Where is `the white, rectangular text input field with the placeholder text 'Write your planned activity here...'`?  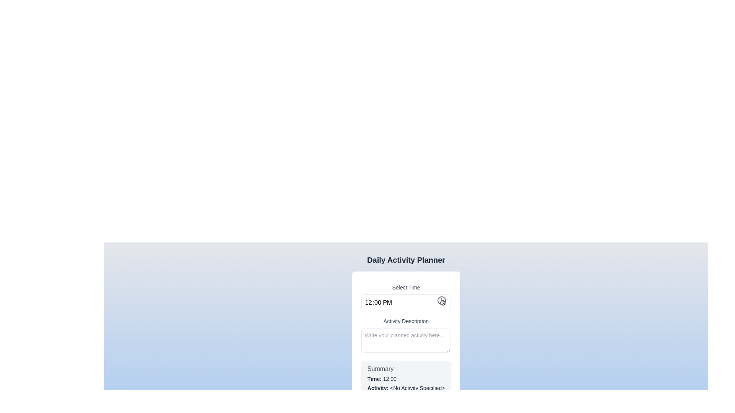 the white, rectangular text input field with the placeholder text 'Write your planned activity here...' is located at coordinates (405, 339).